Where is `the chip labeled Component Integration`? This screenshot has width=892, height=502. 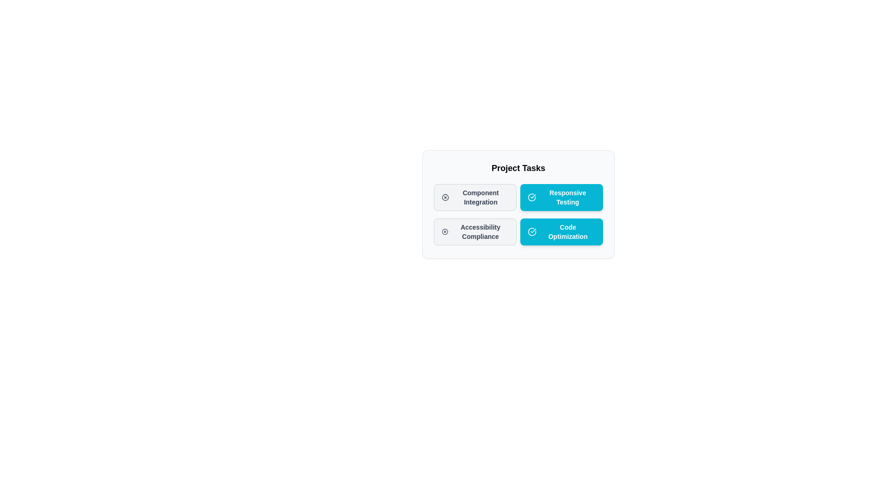
the chip labeled Component Integration is located at coordinates (475, 197).